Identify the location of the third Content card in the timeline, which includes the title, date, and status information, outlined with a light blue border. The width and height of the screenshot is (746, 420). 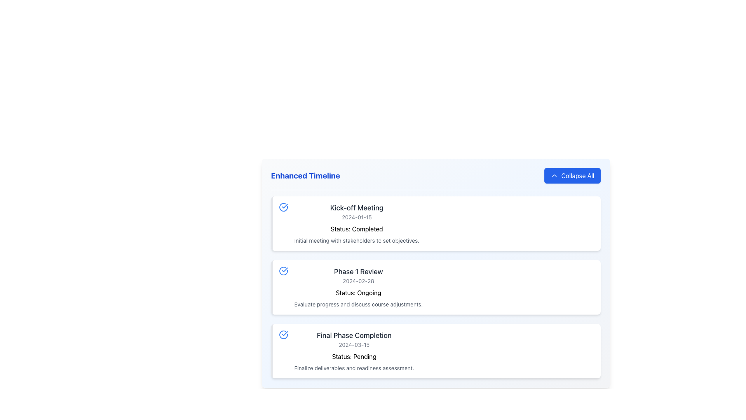
(354, 351).